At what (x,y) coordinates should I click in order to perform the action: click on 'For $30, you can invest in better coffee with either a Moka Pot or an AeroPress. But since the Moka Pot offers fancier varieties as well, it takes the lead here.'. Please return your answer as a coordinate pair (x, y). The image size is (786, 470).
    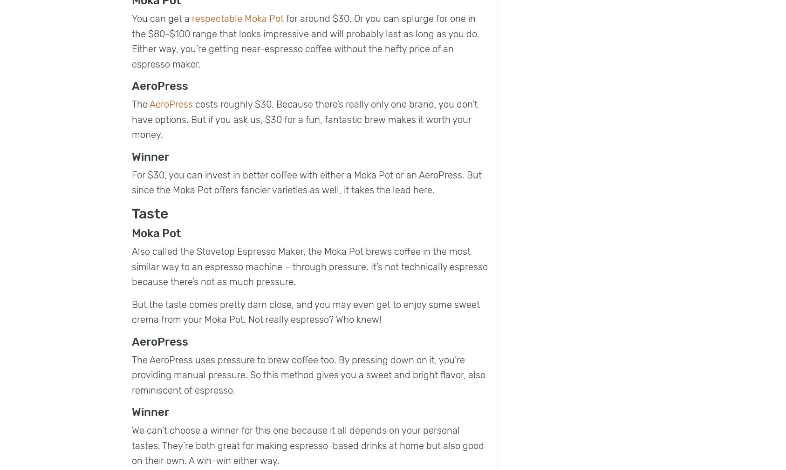
    Looking at the image, I should click on (307, 182).